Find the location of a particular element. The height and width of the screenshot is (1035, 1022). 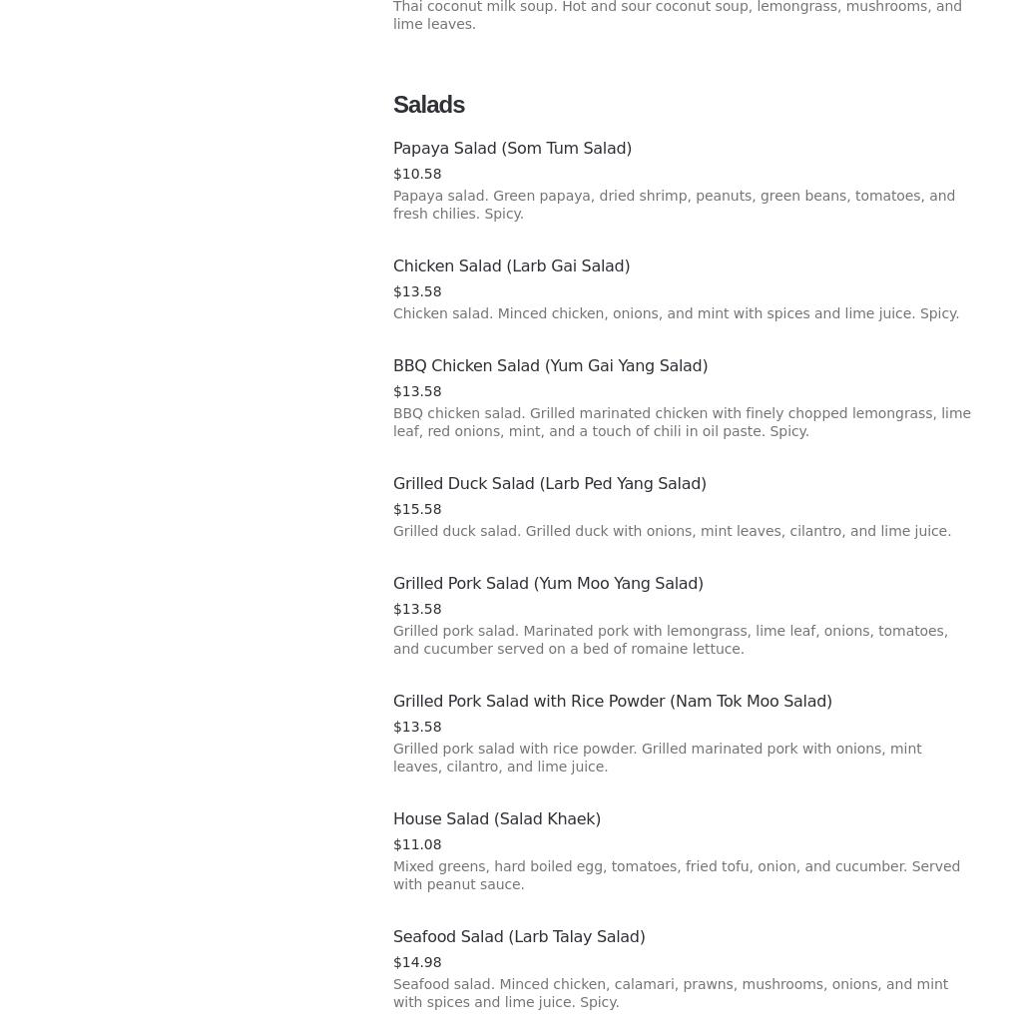

'Grilled pork salad. Marinated pork with lemongrass, lime leaf, onions, tomatoes, and cucumber served on a bed of romaine lettuce.' is located at coordinates (669, 639).